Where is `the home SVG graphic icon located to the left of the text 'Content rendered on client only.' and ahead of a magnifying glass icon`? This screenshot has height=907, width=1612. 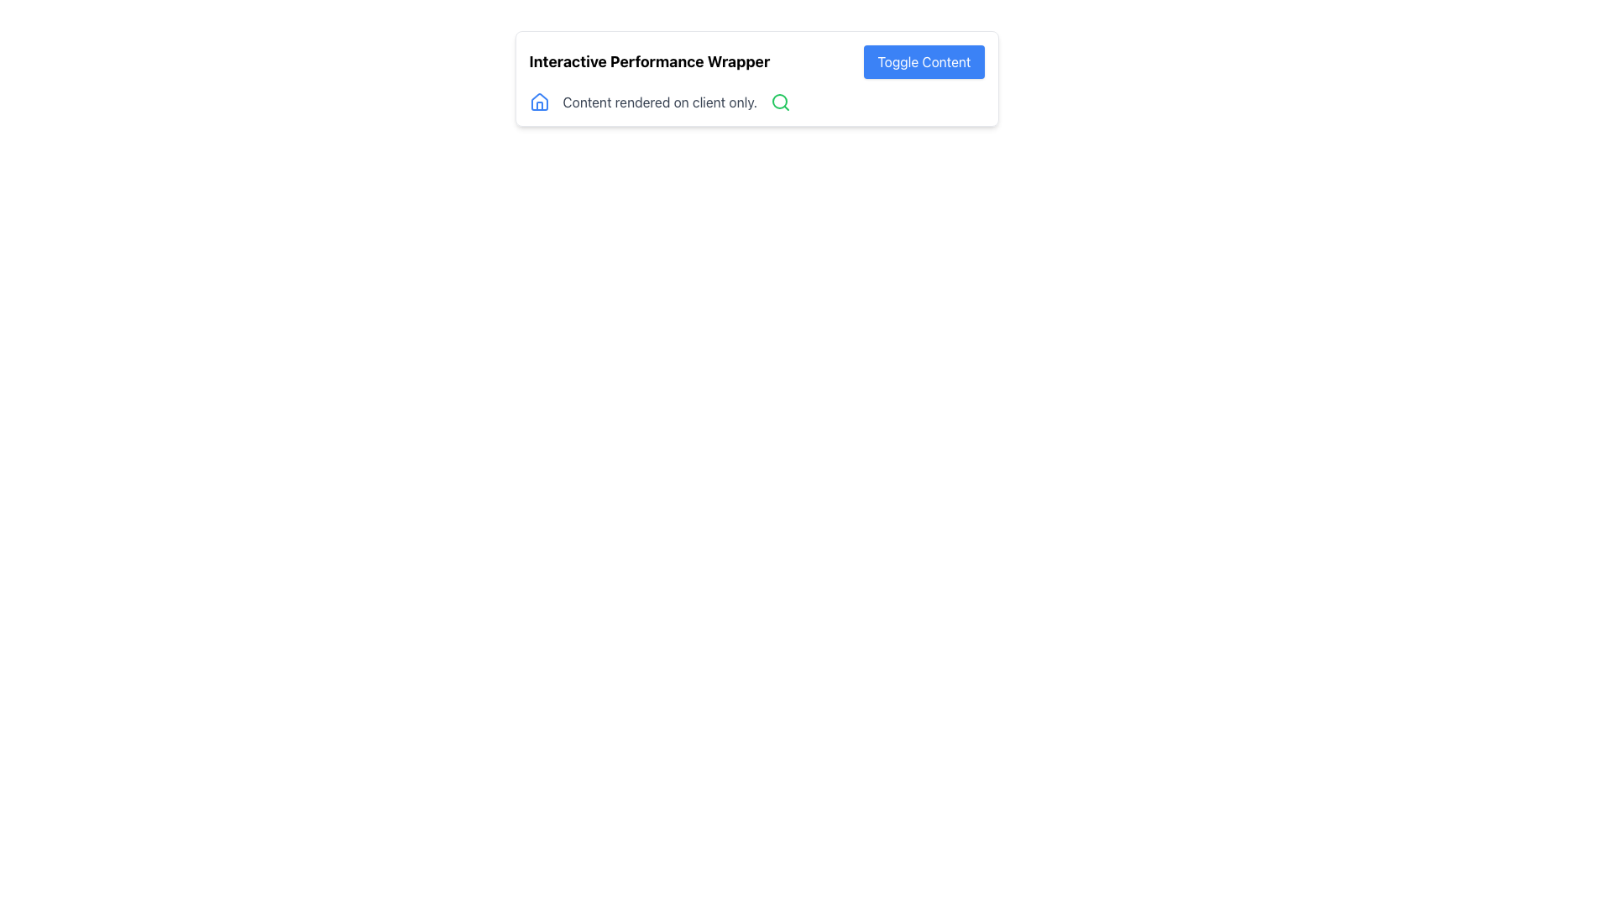
the home SVG graphic icon located to the left of the text 'Content rendered on client only.' and ahead of a magnifying glass icon is located at coordinates (539, 102).